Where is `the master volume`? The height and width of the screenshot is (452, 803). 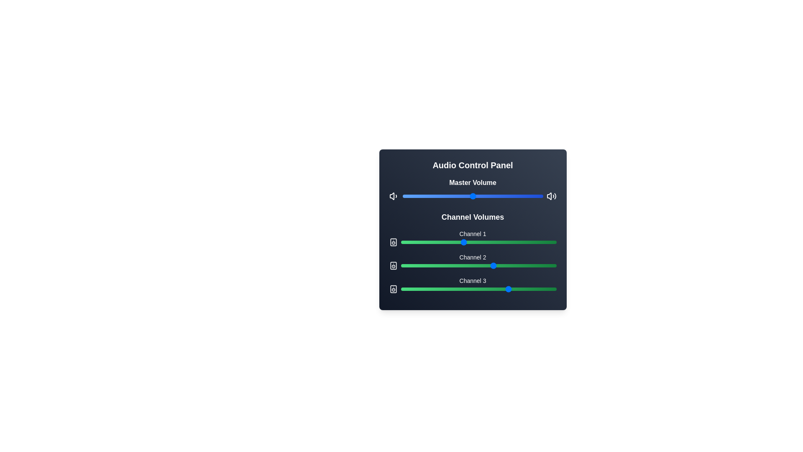
the master volume is located at coordinates (455, 196).